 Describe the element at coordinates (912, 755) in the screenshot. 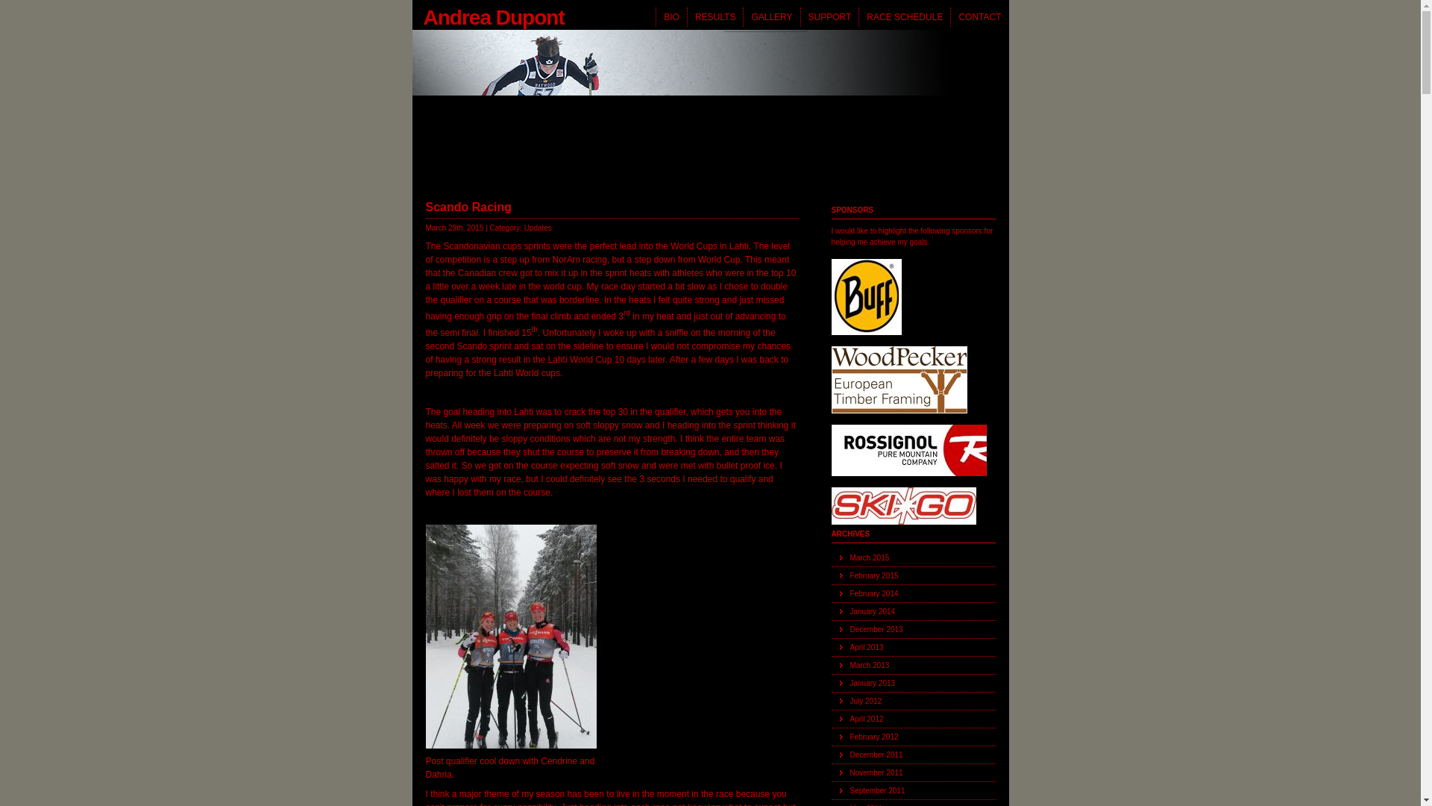

I see `'December 2011'` at that location.